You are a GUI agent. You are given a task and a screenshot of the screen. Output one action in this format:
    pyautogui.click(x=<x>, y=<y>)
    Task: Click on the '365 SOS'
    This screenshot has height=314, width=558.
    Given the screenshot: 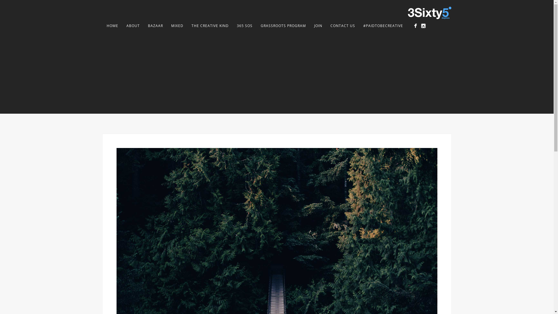 What is the action you would take?
    pyautogui.click(x=244, y=25)
    